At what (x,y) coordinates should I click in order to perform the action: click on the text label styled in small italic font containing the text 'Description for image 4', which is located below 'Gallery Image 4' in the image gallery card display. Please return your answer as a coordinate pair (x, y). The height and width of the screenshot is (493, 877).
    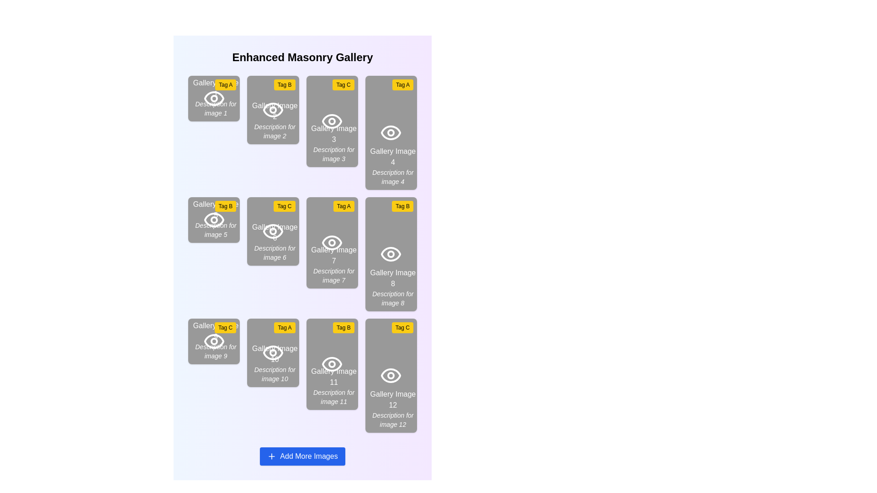
    Looking at the image, I should click on (393, 177).